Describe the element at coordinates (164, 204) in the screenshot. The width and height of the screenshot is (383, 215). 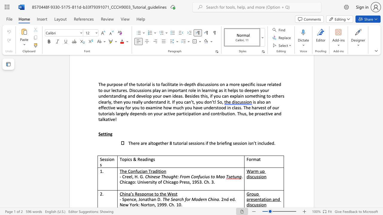
I see `the subset text "9. Ch." within the text ". 2nd ed. New York: Norton, 1999. Ch. 10."` at that location.